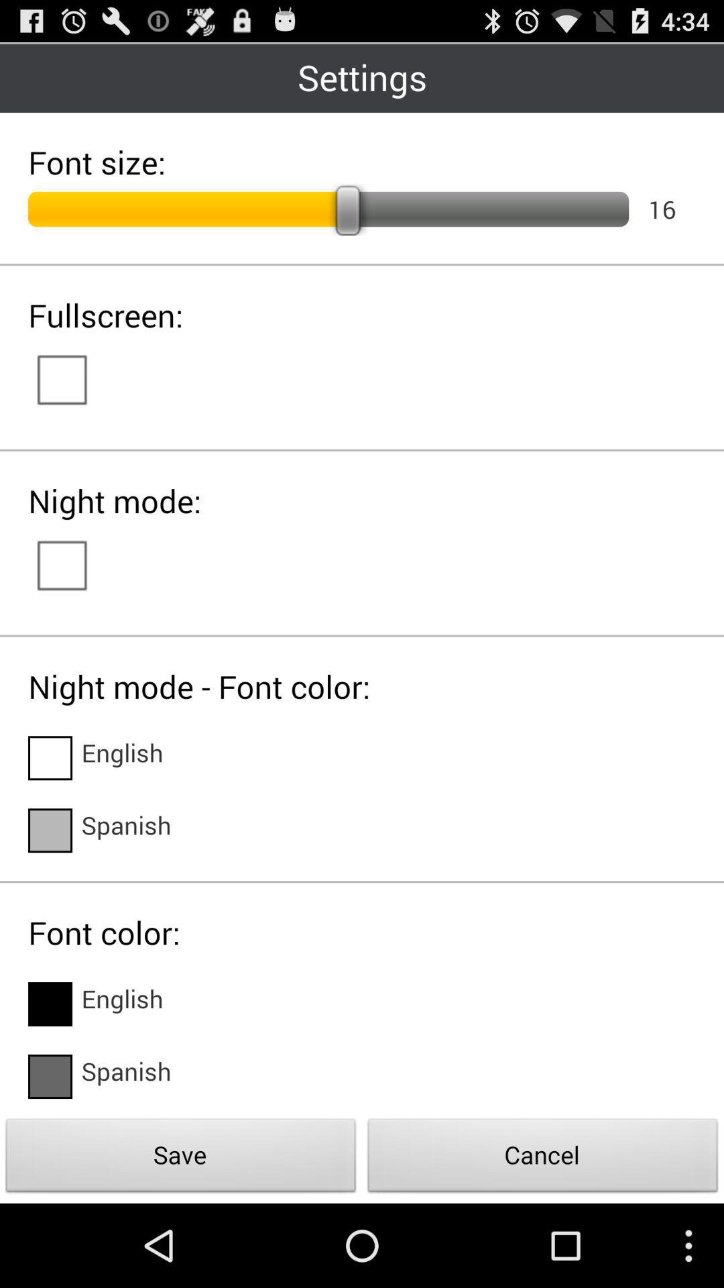 The width and height of the screenshot is (724, 1288). What do you see at coordinates (49, 830) in the screenshot?
I see `the square box to the left of spanish text below night modefont color text` at bounding box center [49, 830].